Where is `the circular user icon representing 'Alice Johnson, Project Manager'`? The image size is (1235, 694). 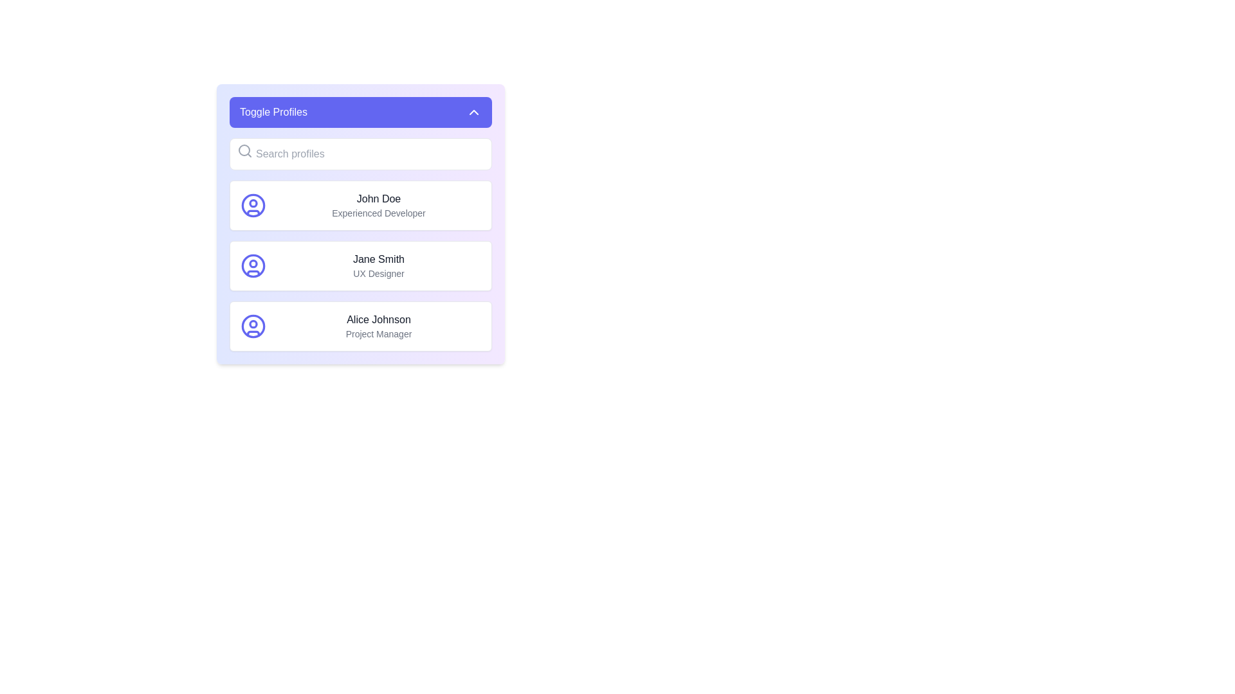 the circular user icon representing 'Alice Johnson, Project Manager' is located at coordinates (253, 326).